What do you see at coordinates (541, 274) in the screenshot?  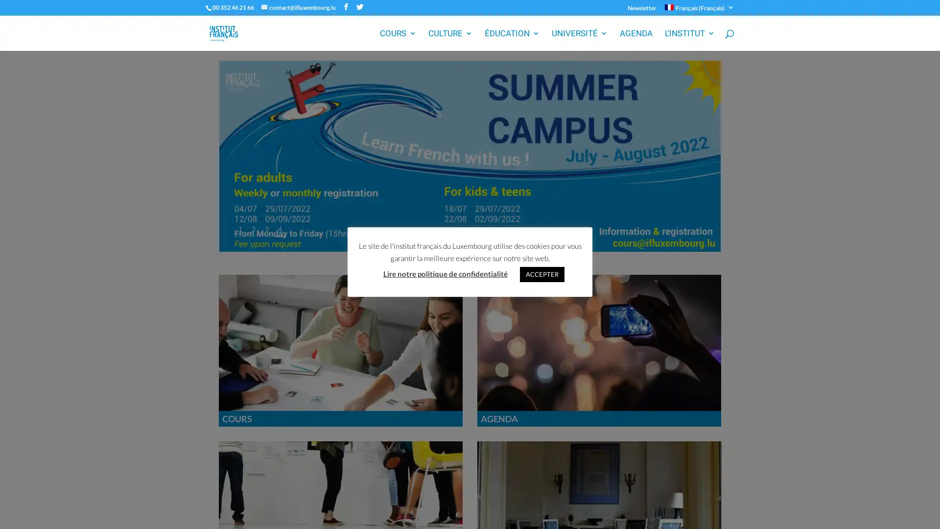 I see `ACCEPTER` at bounding box center [541, 274].